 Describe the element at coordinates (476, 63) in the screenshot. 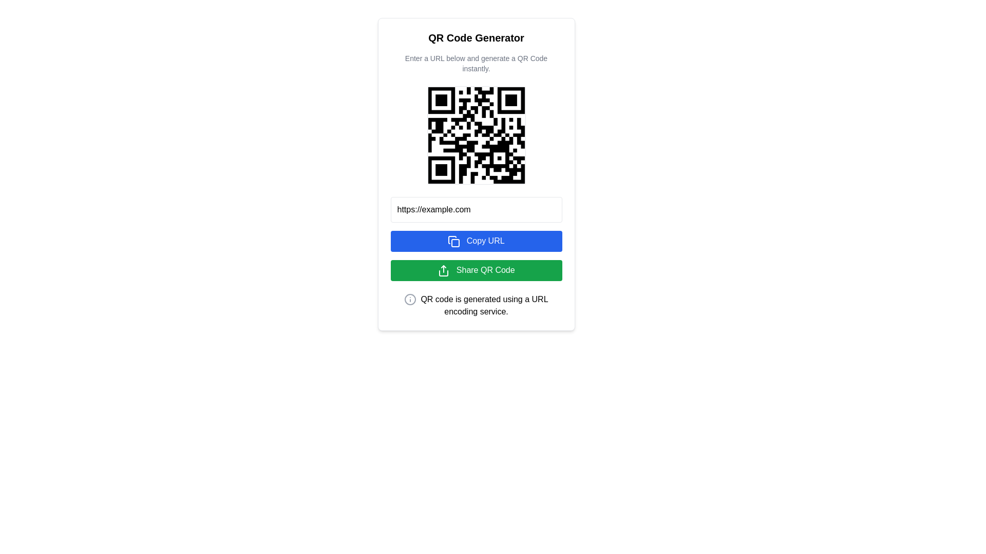

I see `the static text element that provides instructions for using the QR Code generation feature, located beneath the 'QR Code Generator' header` at that location.